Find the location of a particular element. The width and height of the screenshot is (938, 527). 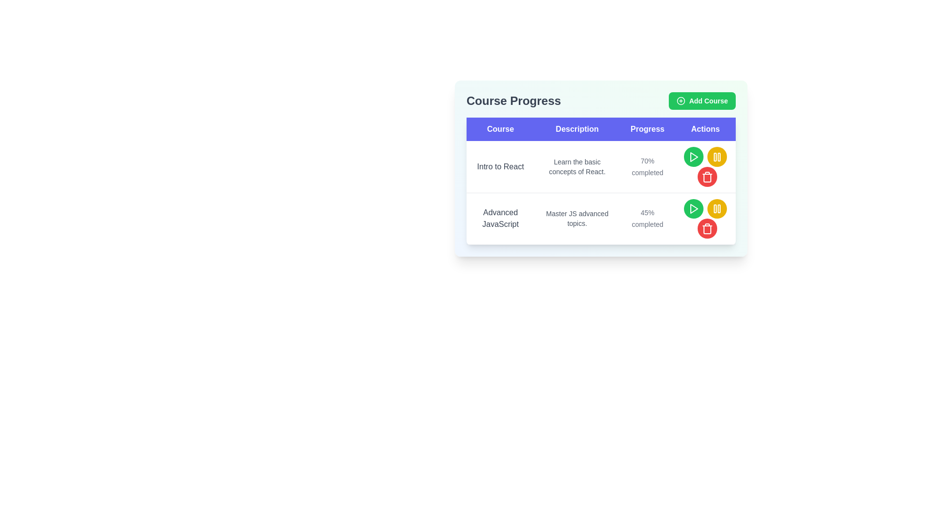

the table row group under the 'Course Progress' section is located at coordinates (600, 193).